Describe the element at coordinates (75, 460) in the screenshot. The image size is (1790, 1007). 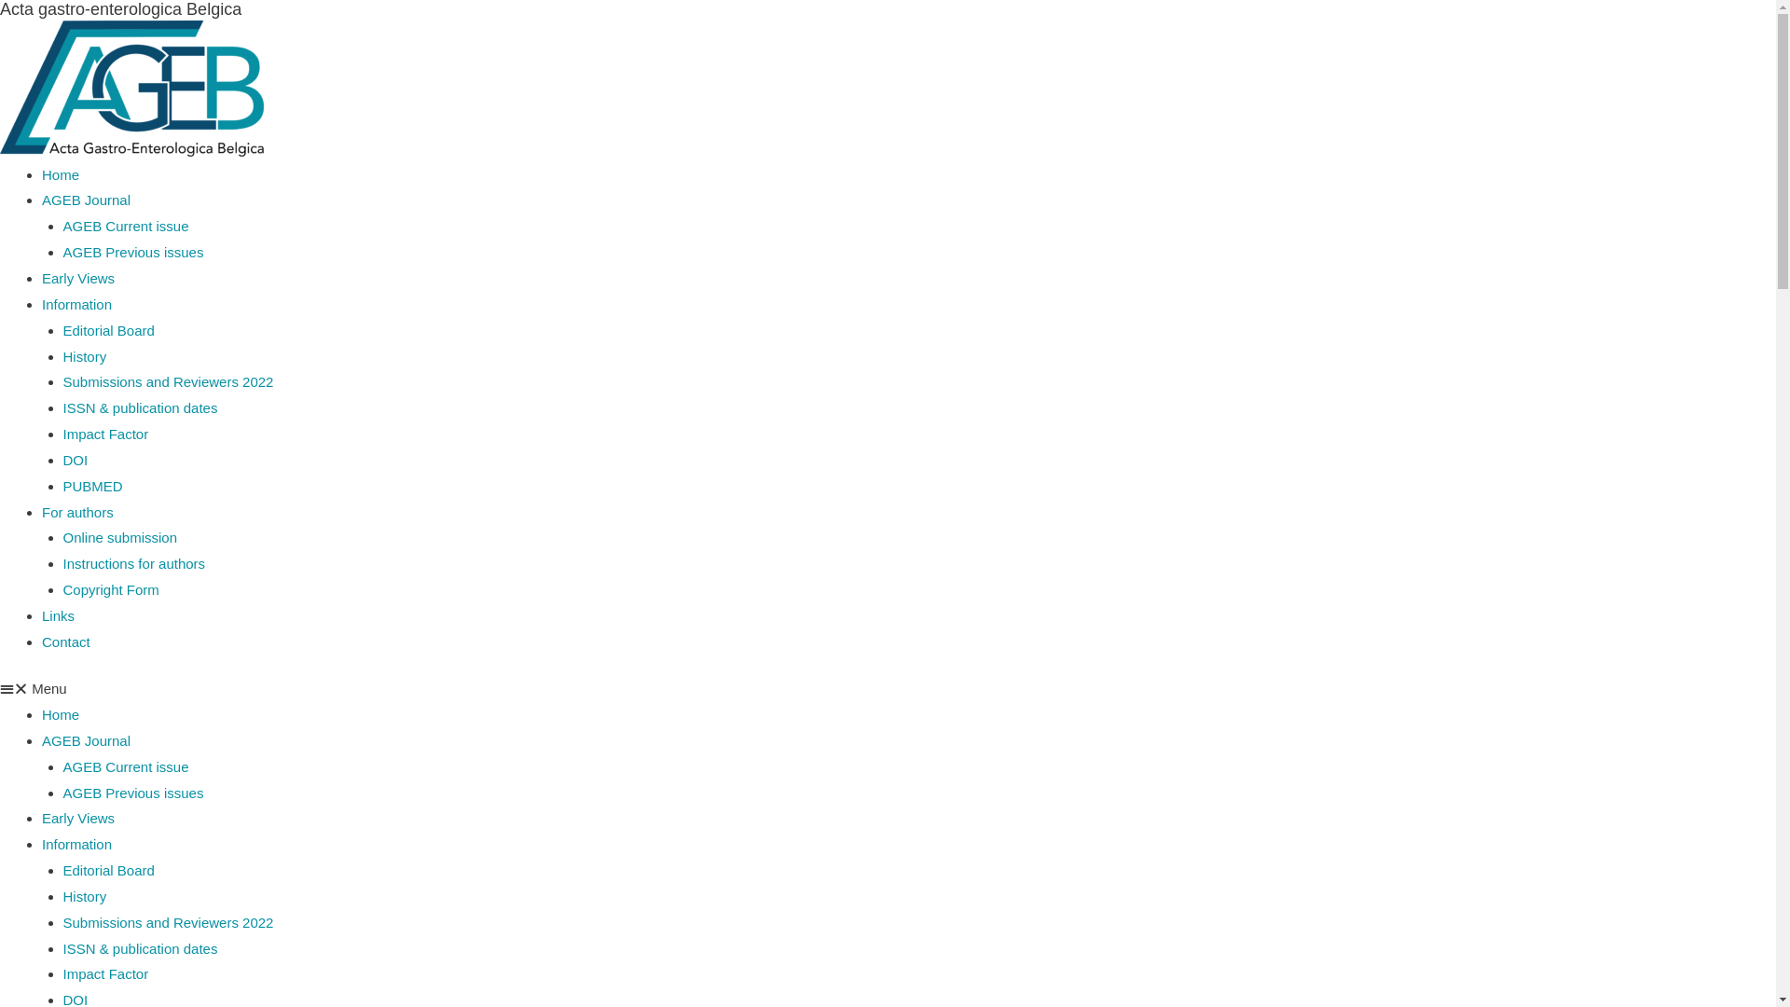
I see `'DOI'` at that location.